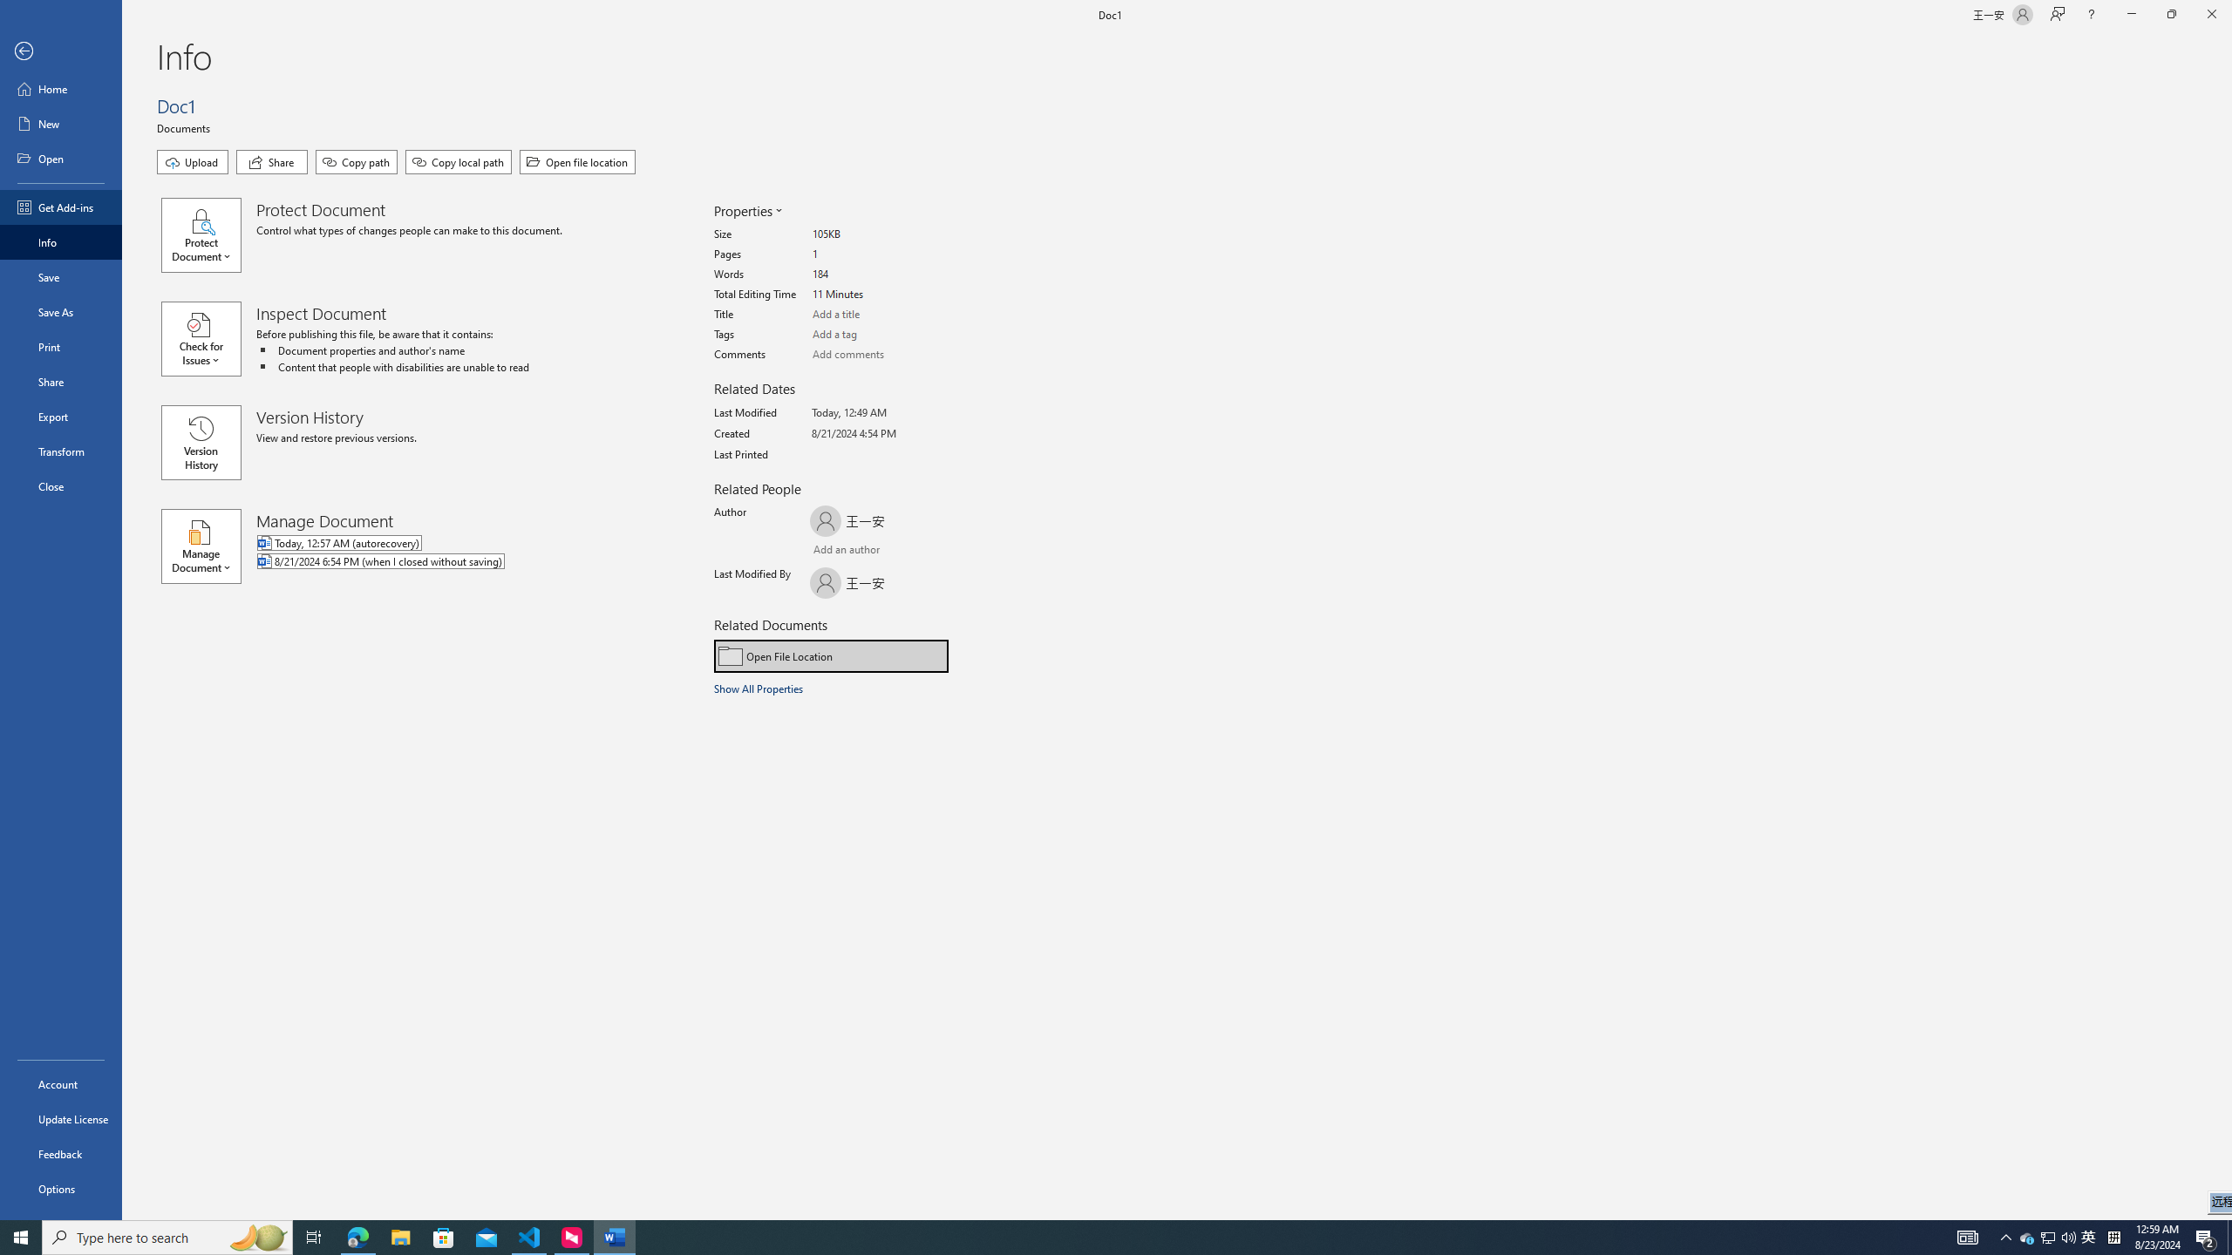  I want to click on 'Upload', so click(192, 160).